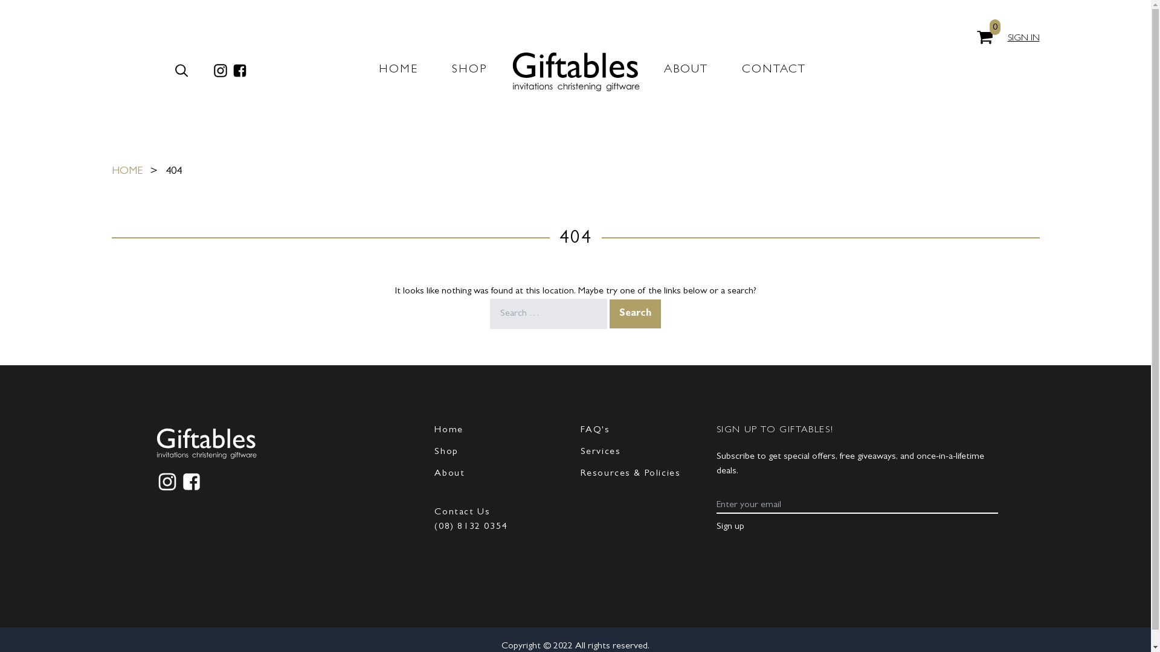 The width and height of the screenshot is (1160, 652). What do you see at coordinates (774, 70) in the screenshot?
I see `'CONTACT'` at bounding box center [774, 70].